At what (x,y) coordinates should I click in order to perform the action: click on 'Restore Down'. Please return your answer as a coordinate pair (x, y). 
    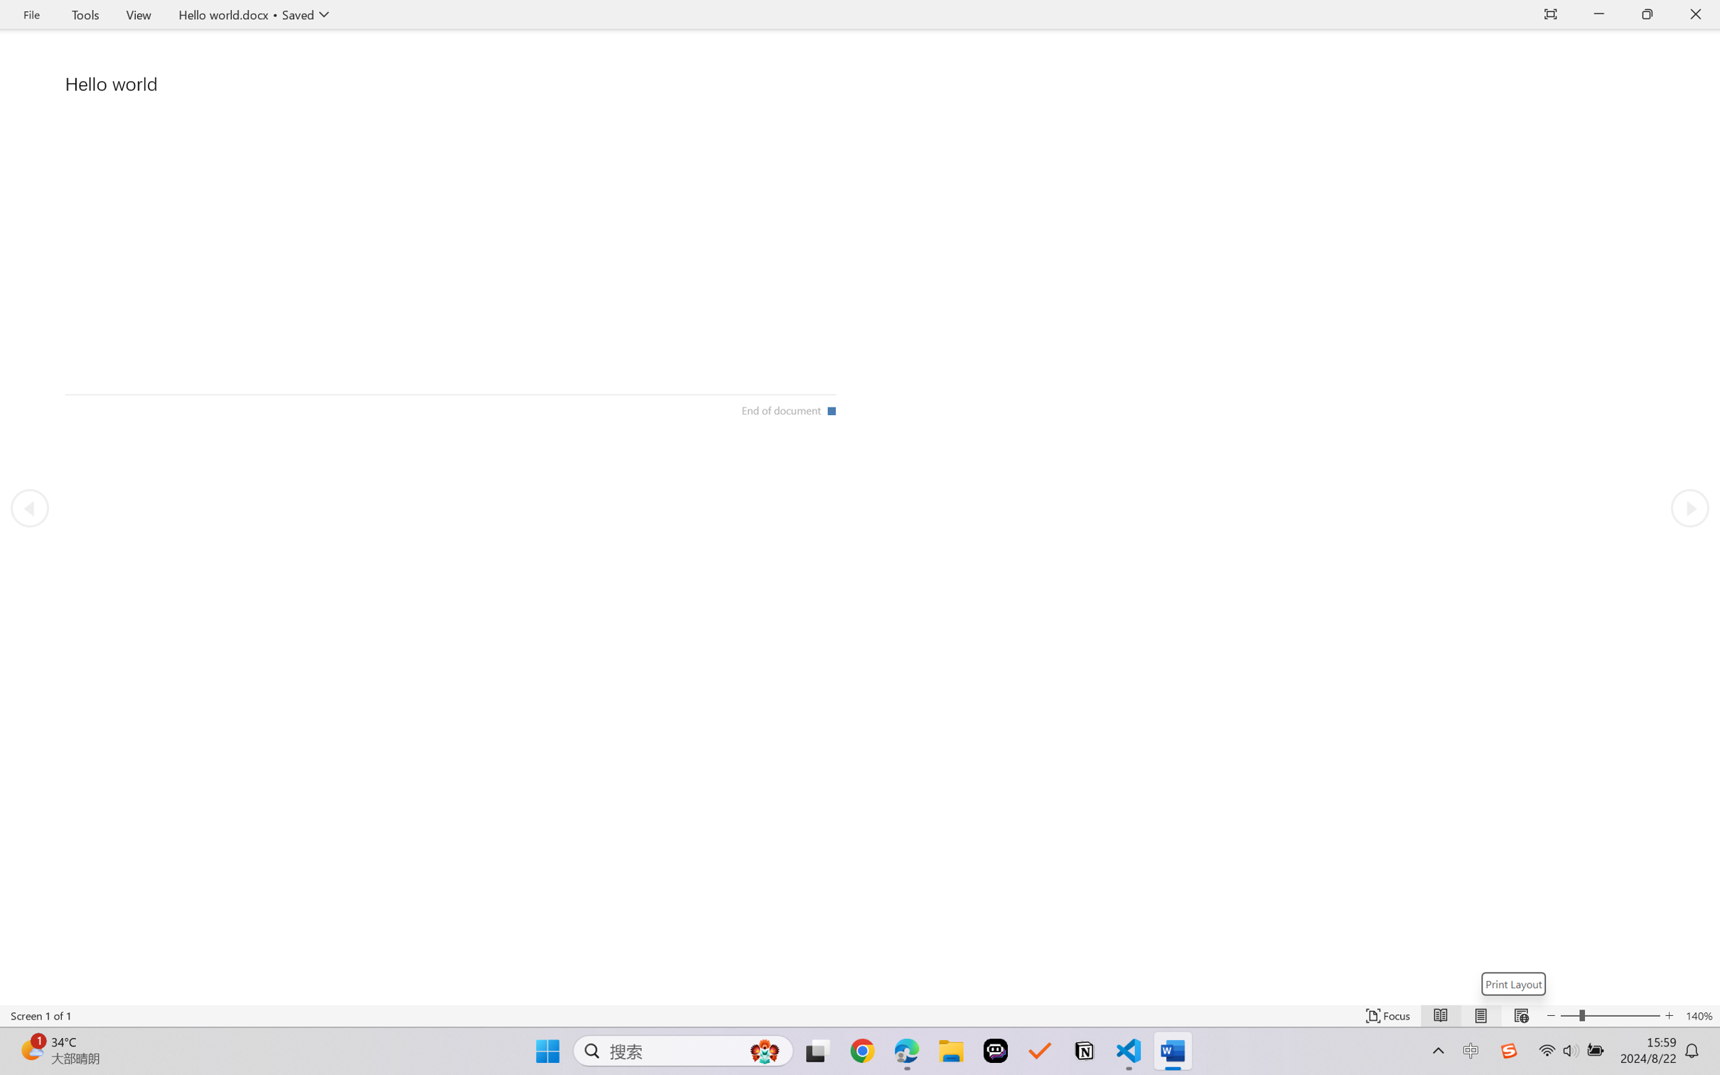
    Looking at the image, I should click on (1648, 14).